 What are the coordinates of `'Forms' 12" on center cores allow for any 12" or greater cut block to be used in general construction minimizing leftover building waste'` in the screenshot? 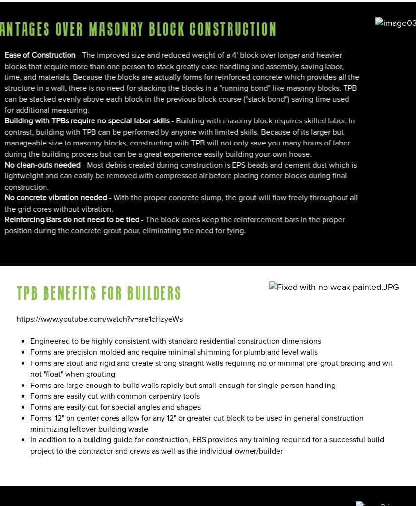 It's located at (197, 423).